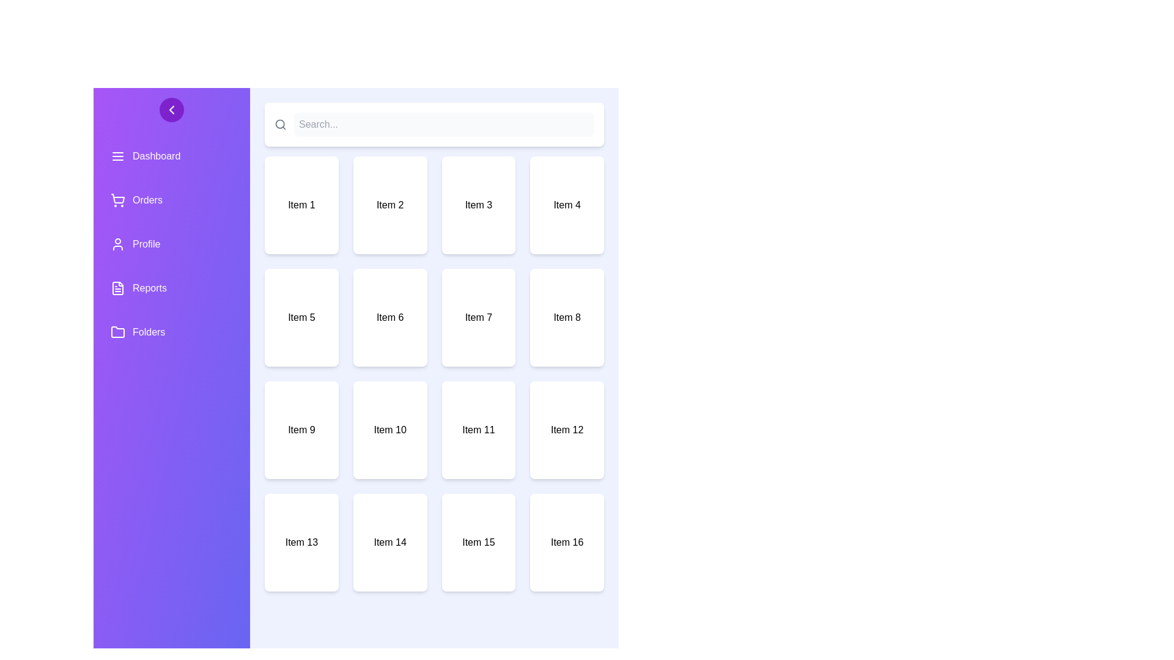  Describe the element at coordinates (171, 288) in the screenshot. I see `the sidebar menu item labeled Reports to navigate to its section` at that location.